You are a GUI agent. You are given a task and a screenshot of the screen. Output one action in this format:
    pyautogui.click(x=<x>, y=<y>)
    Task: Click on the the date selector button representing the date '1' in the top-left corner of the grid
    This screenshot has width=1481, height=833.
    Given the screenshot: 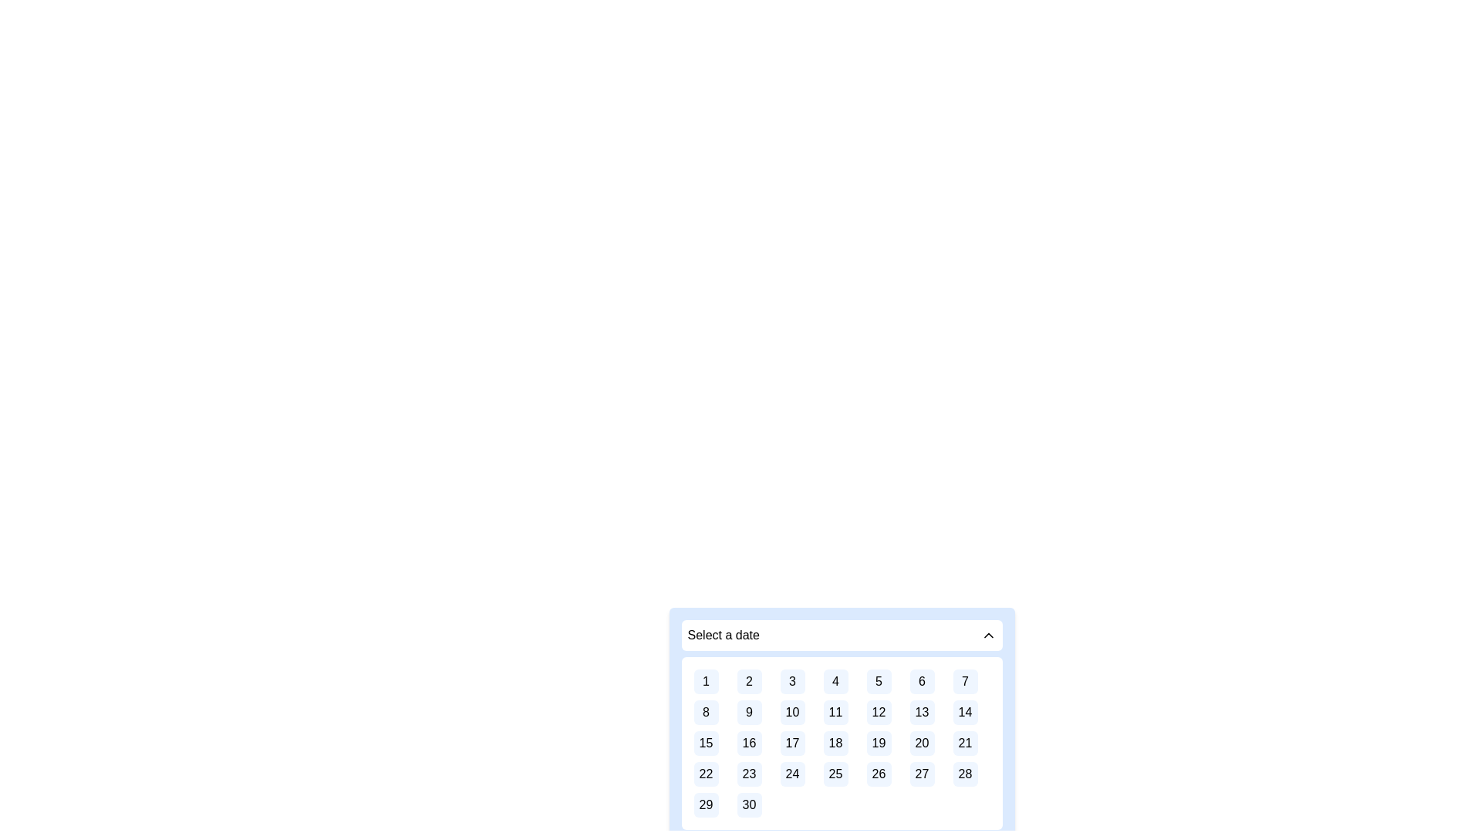 What is the action you would take?
    pyautogui.click(x=705, y=680)
    